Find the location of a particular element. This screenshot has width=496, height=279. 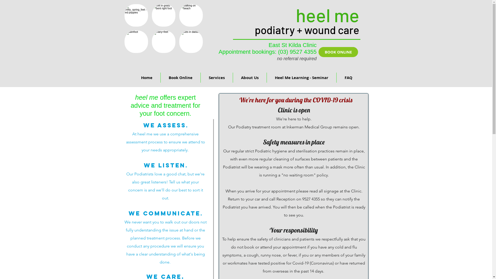

'Services' is located at coordinates (216, 78).